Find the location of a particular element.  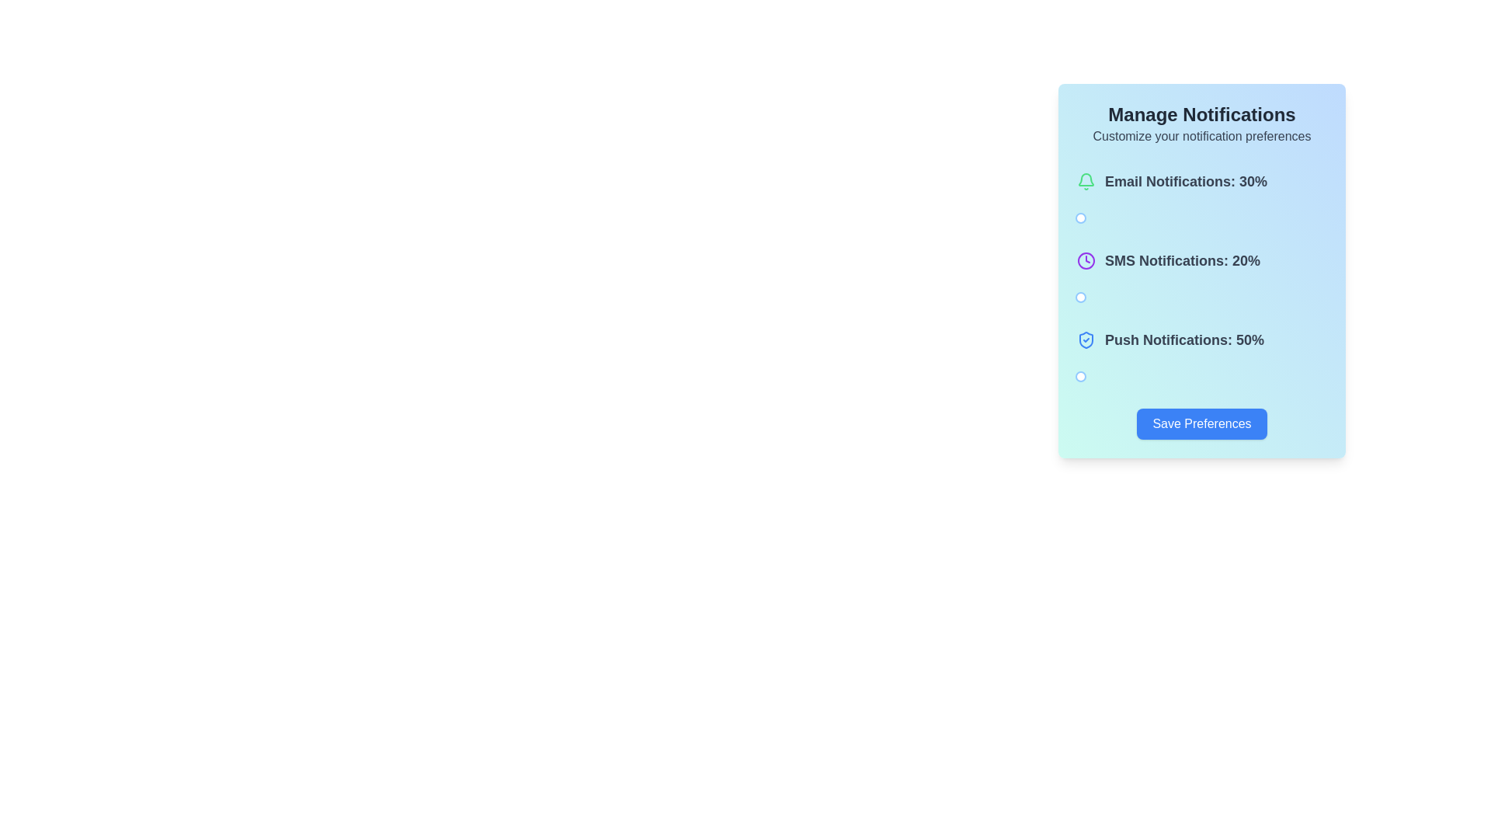

the 'Push Notifications' value is located at coordinates (1119, 377).